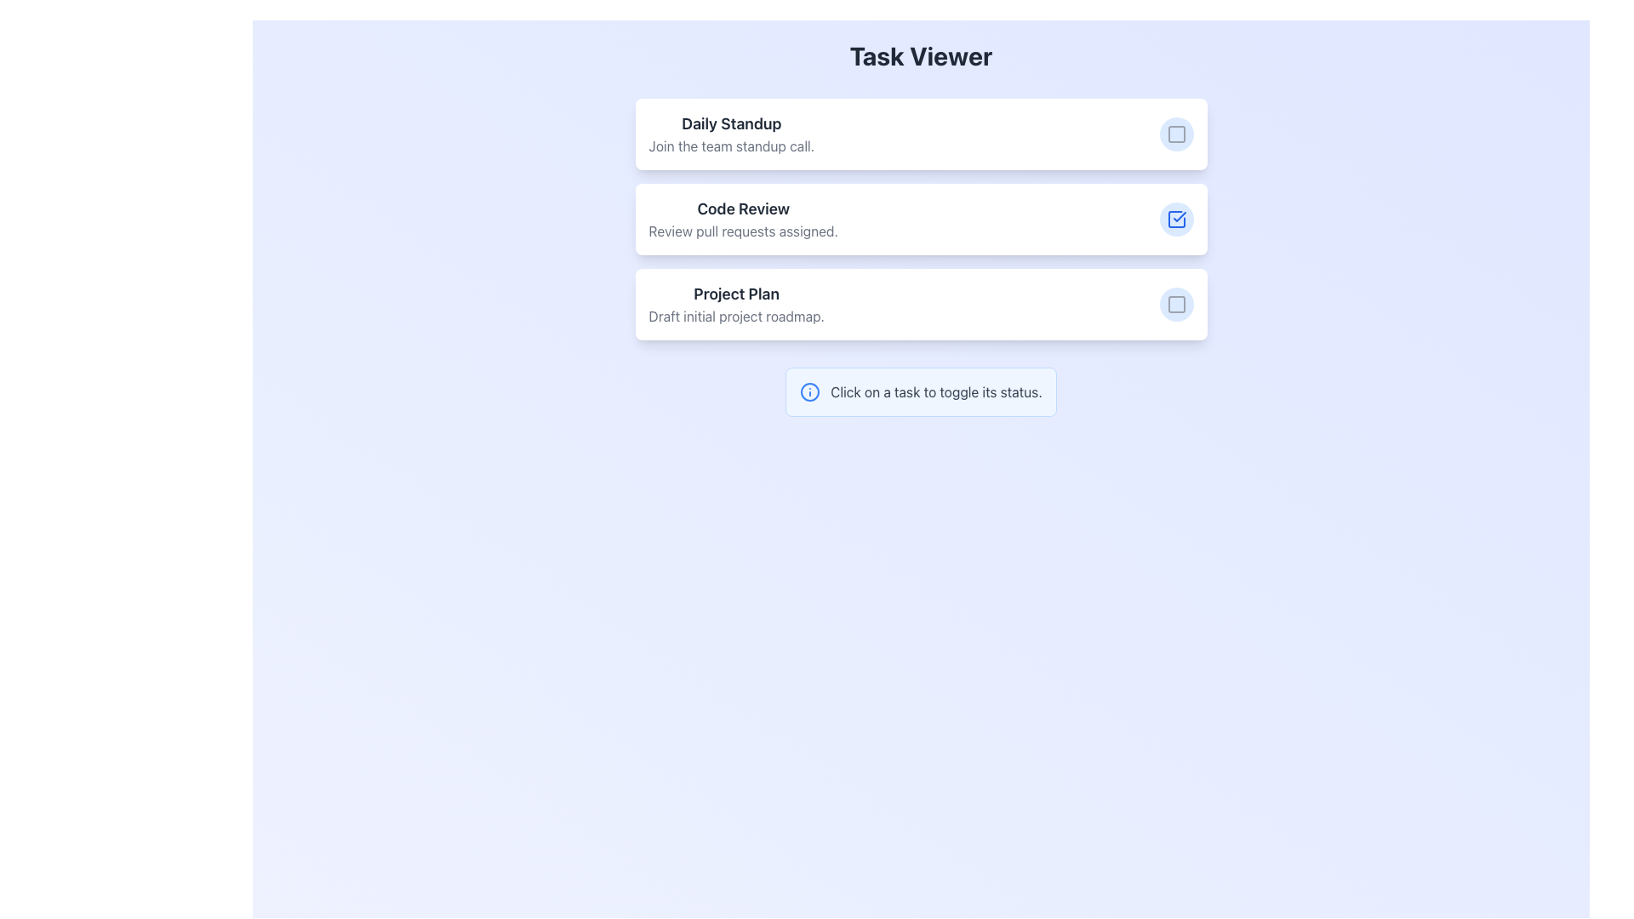 Image resolution: width=1634 pixels, height=919 pixels. I want to click on static text label that displays 'Draft initial project roadmap.' located under the 'Project Plan' title within the task item section, so click(736, 316).